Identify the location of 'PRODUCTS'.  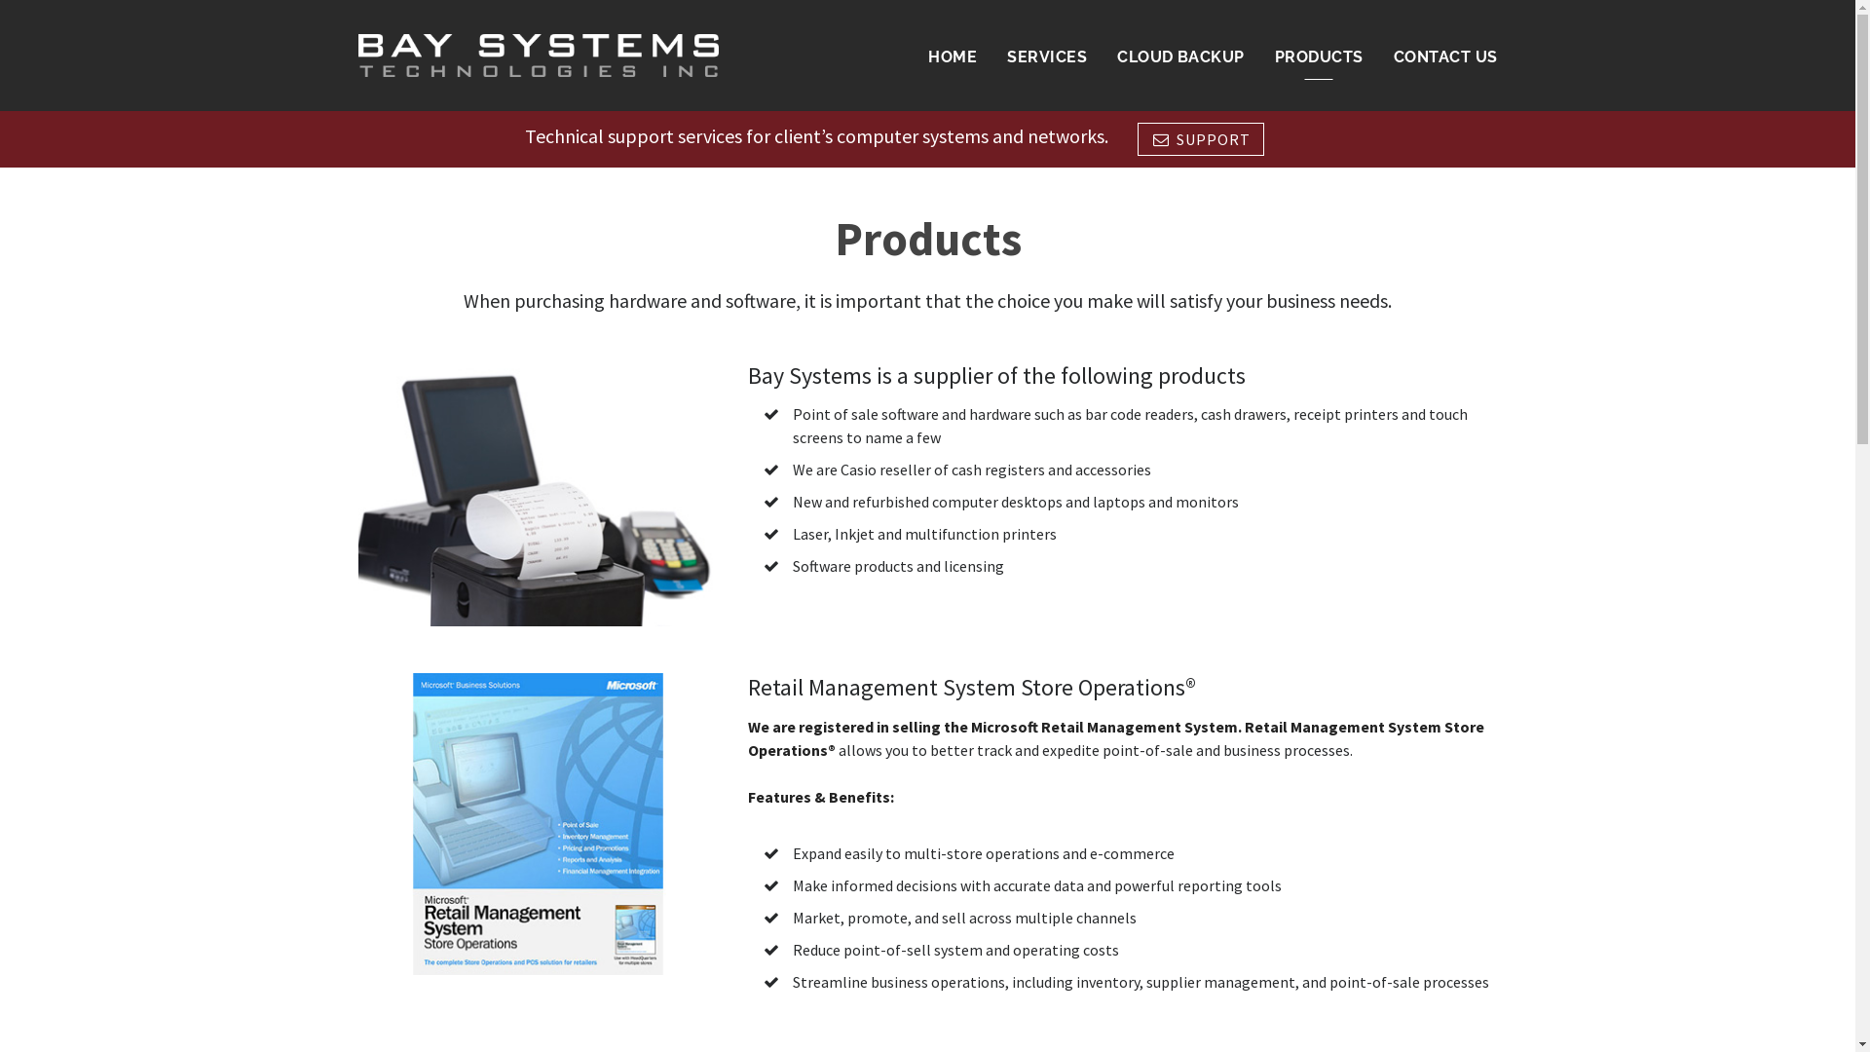
(1319, 56).